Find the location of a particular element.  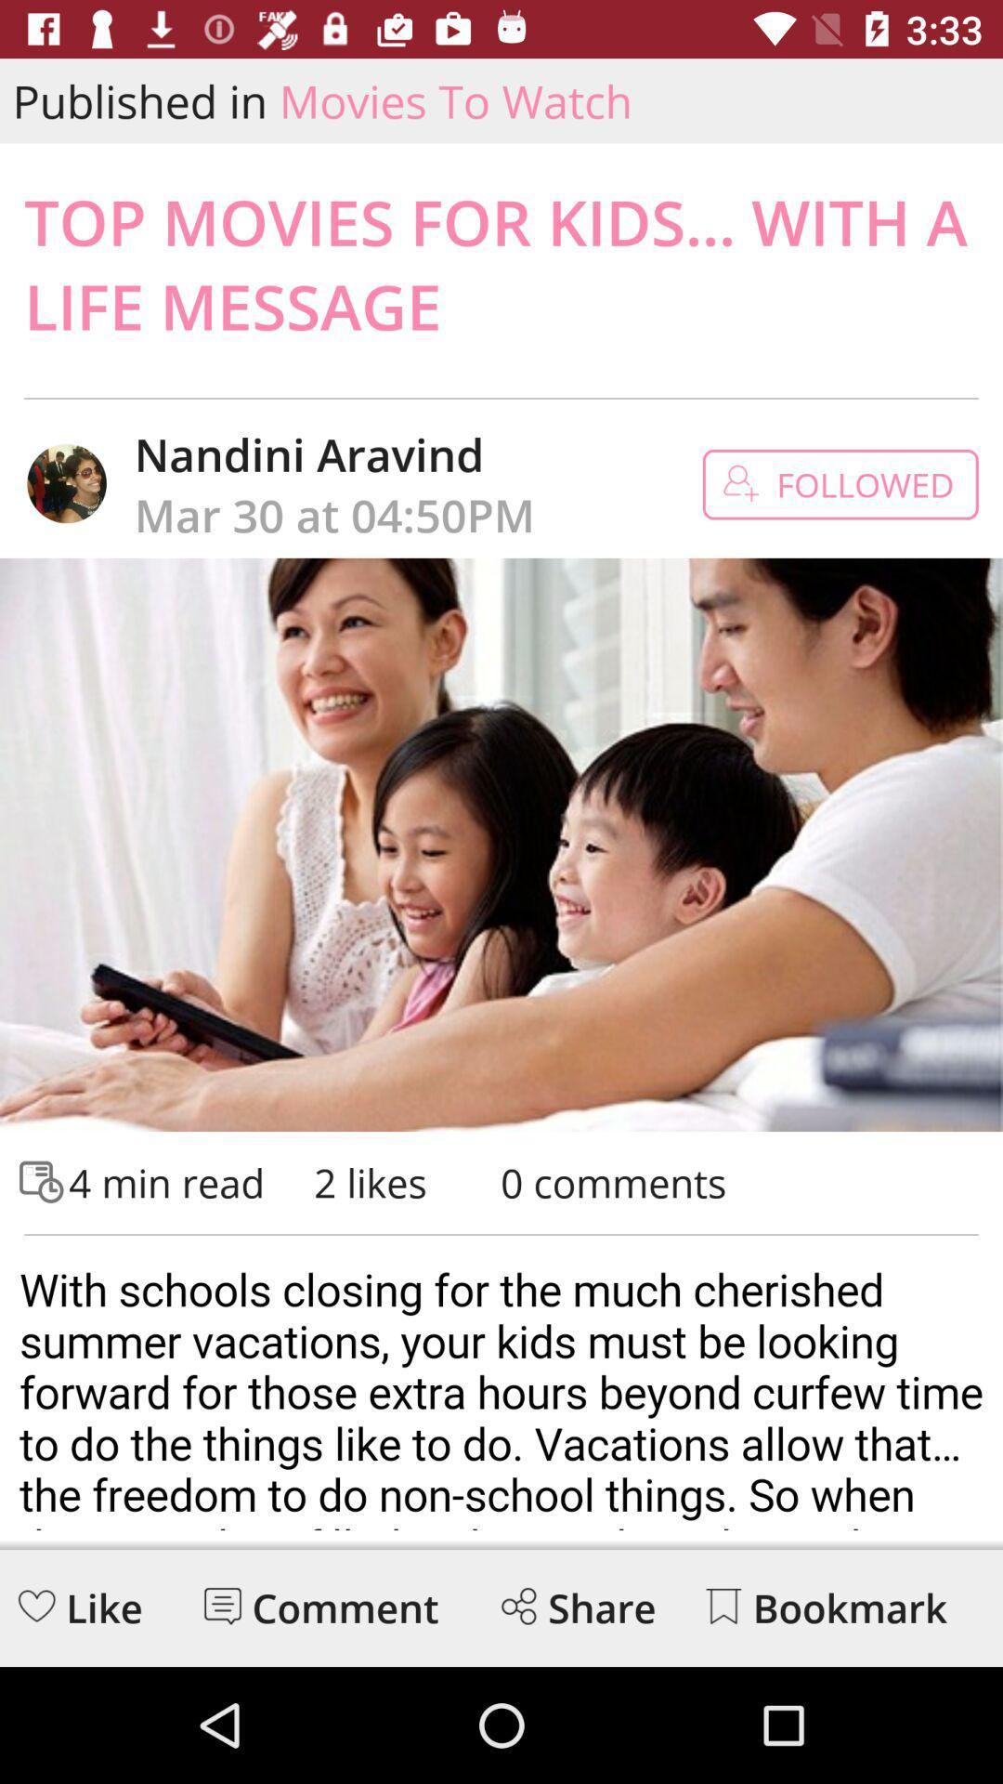

the chat icon is located at coordinates (221, 1605).